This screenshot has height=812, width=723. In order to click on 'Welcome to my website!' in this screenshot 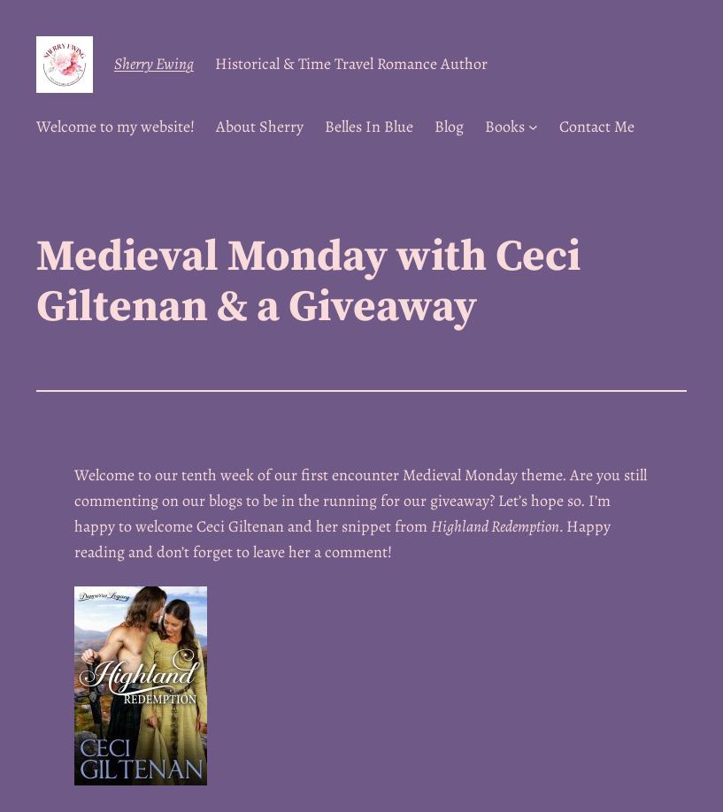, I will do `click(114, 125)`.